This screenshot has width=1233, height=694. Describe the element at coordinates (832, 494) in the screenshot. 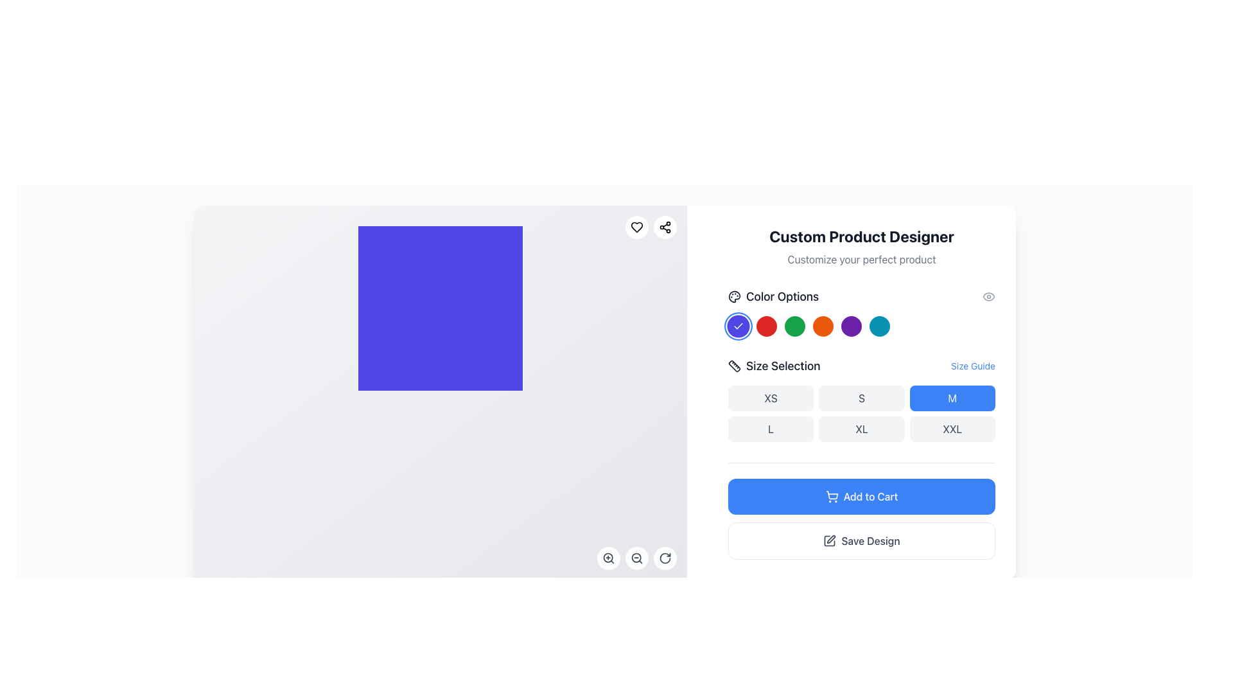

I see `the 'Add to Cart' button that contains the shopping cart icon, which is a line illustration with a rectangular body and a handle extending diagonally upward to the left` at that location.